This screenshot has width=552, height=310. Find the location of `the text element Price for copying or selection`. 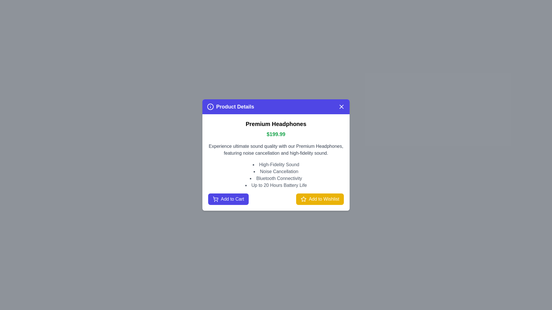

the text element Price for copying or selection is located at coordinates (276, 134).